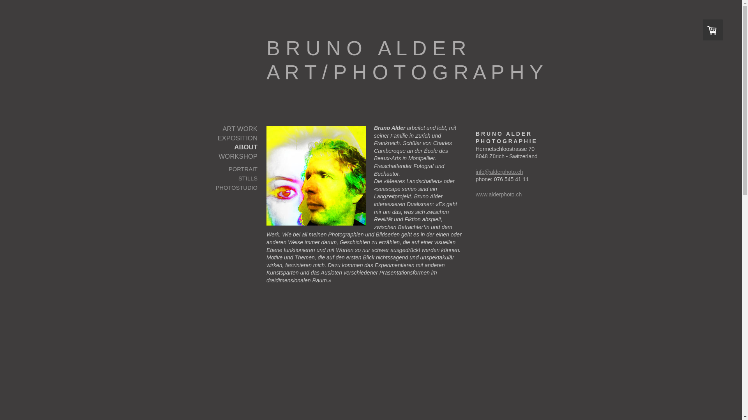 The height and width of the screenshot is (420, 748). What do you see at coordinates (499, 194) in the screenshot?
I see `'www.alderphoto.ch'` at bounding box center [499, 194].